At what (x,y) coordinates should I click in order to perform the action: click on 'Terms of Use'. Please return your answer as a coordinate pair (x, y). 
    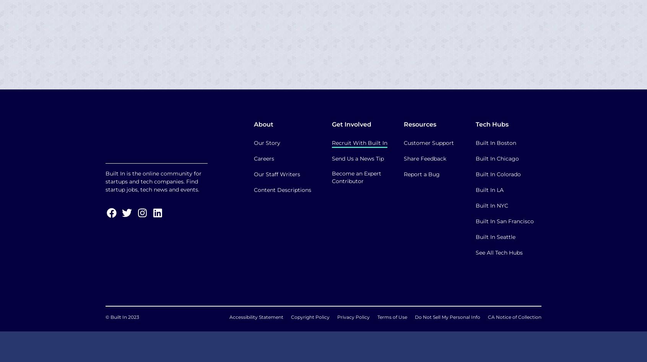
    Looking at the image, I should click on (392, 317).